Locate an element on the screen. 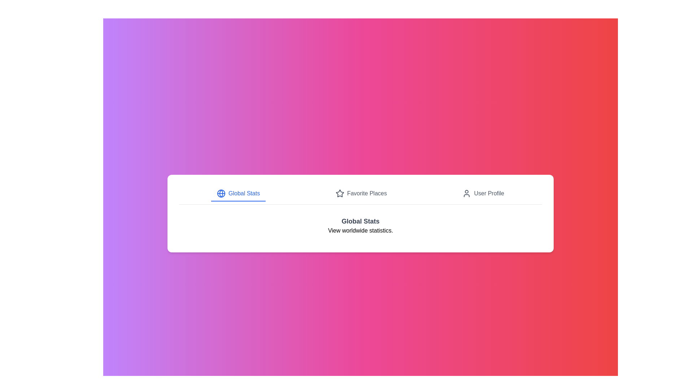 This screenshot has height=390, width=693. the circular globe icon located to the left of the 'Global Stats' button in the navigation section is located at coordinates (221, 193).